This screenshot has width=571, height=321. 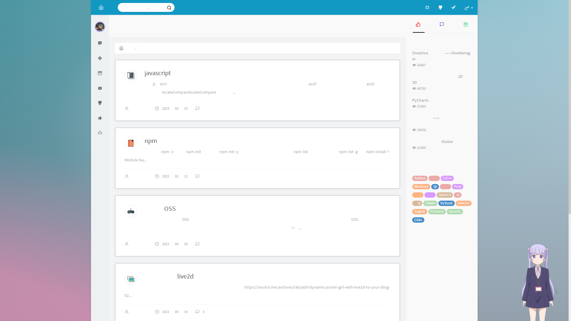 What do you see at coordinates (457, 186) in the screenshot?
I see `'Pyqt'` at bounding box center [457, 186].